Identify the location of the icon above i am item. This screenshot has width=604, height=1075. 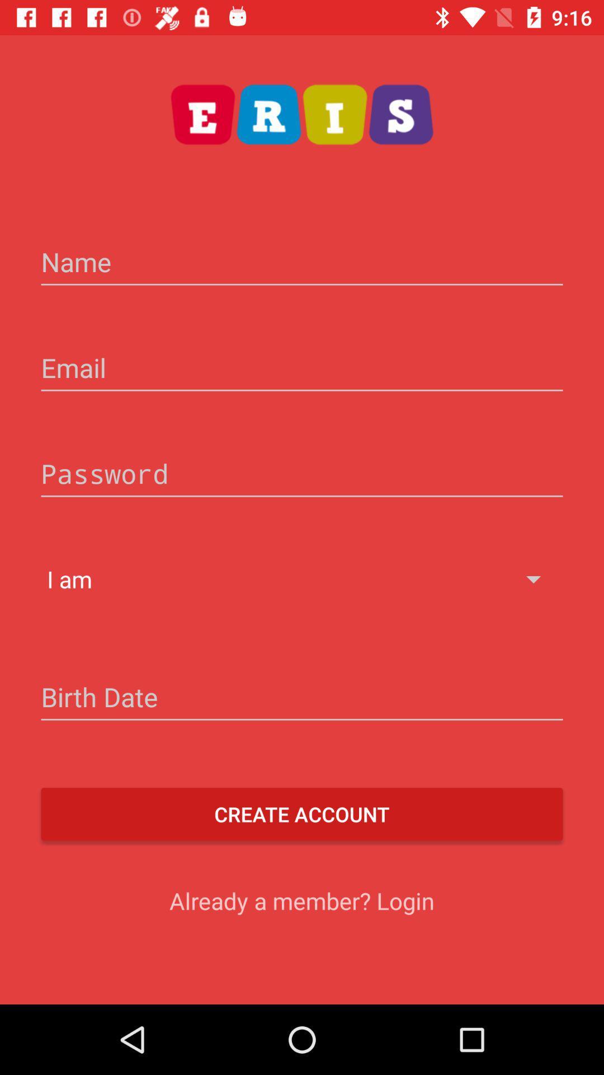
(302, 475).